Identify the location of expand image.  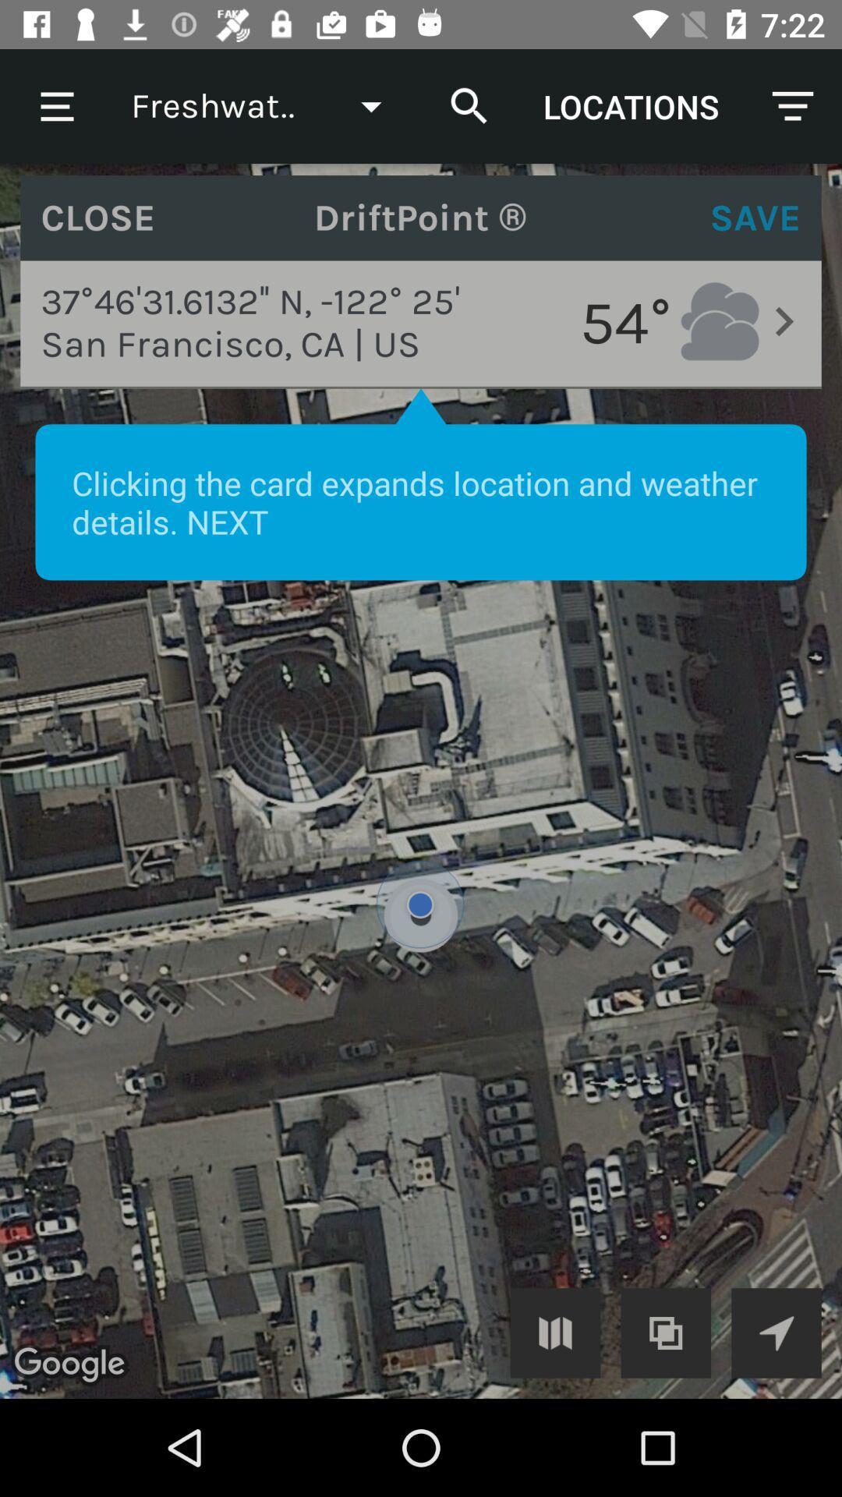
(421, 781).